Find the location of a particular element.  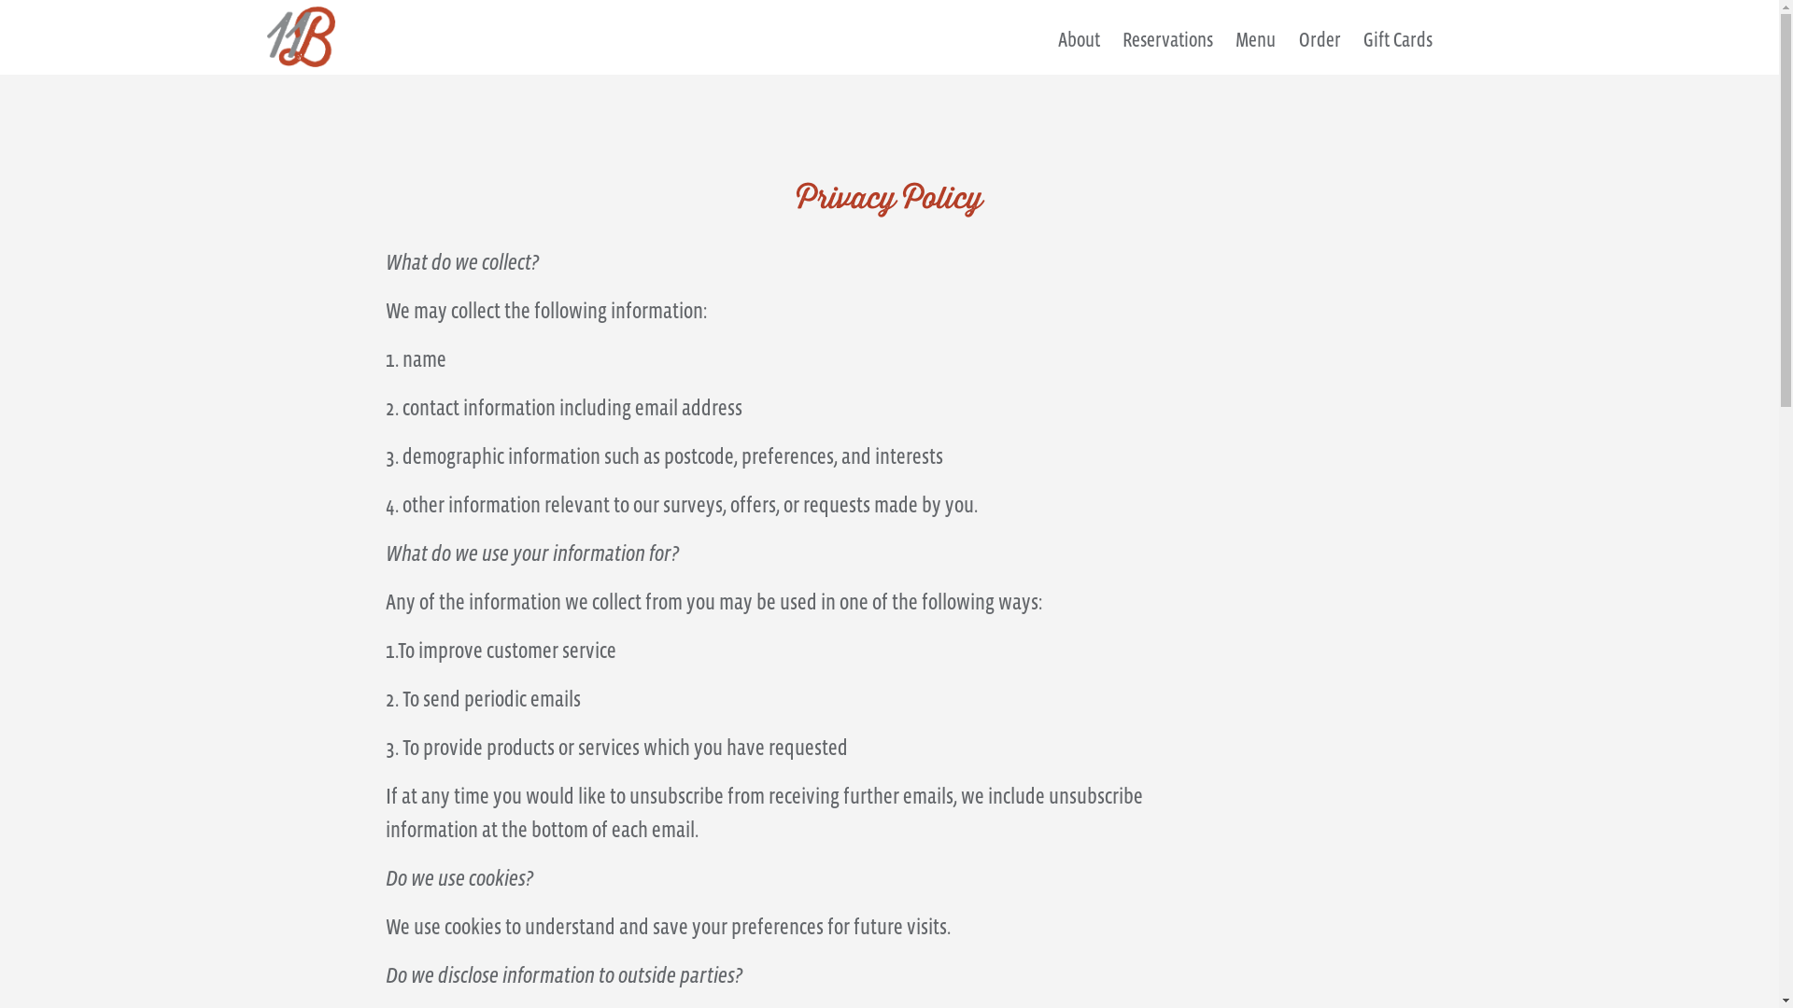

'Gift Cards' is located at coordinates (1362, 49).